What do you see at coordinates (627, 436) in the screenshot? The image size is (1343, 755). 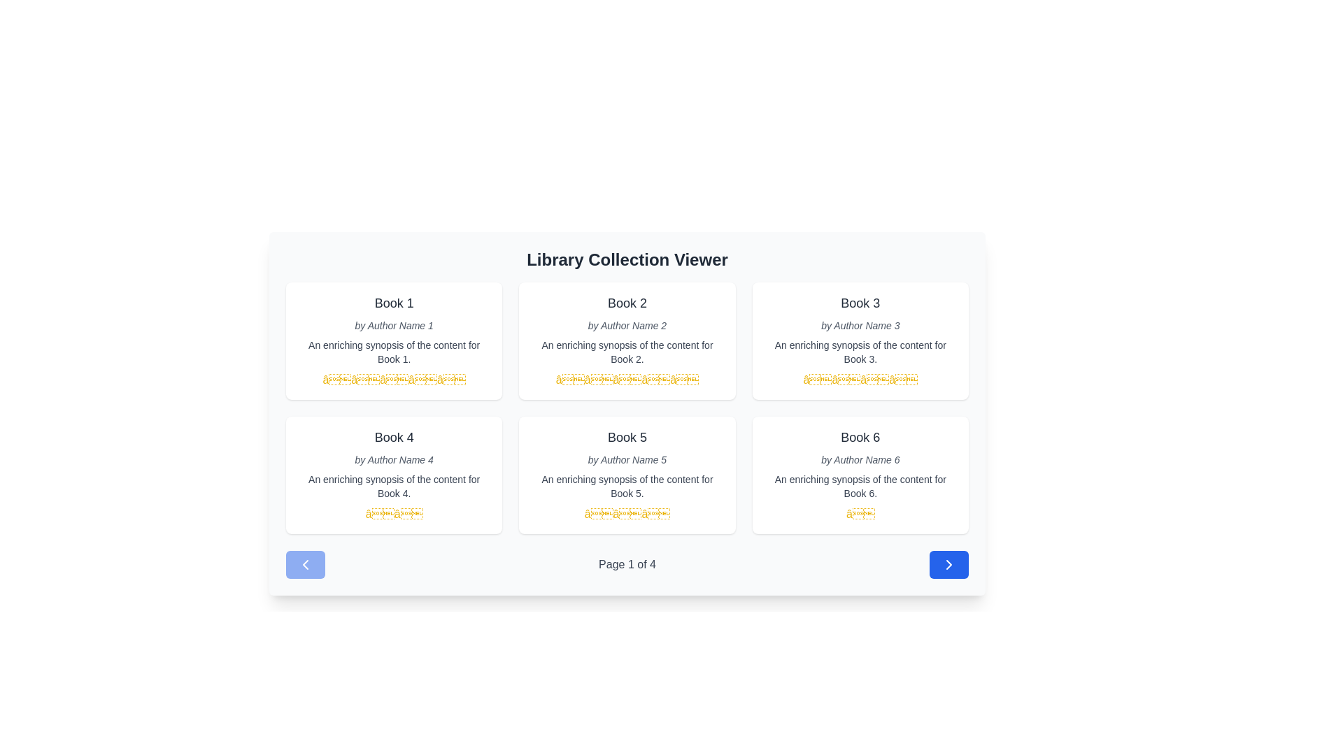 I see `the static text label displaying the title of 'Book 5', which is located in the second row, middle column of the grid layout` at bounding box center [627, 436].